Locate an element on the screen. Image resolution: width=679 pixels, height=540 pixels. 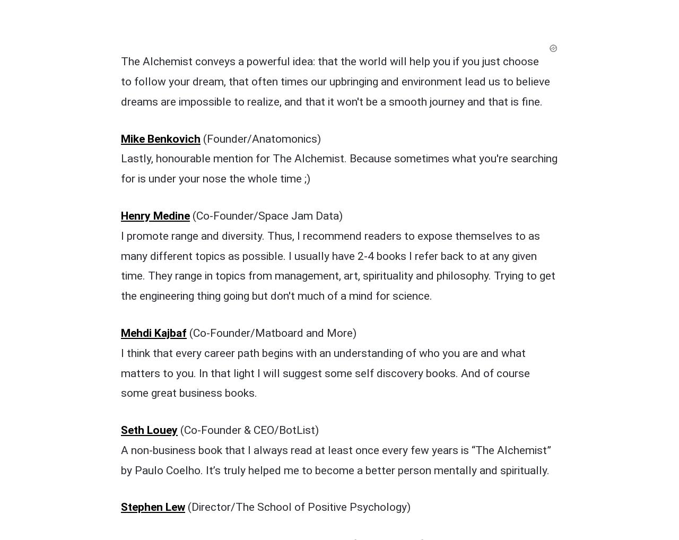
'(Co-Founder/Matboard and More)' is located at coordinates (272, 112).